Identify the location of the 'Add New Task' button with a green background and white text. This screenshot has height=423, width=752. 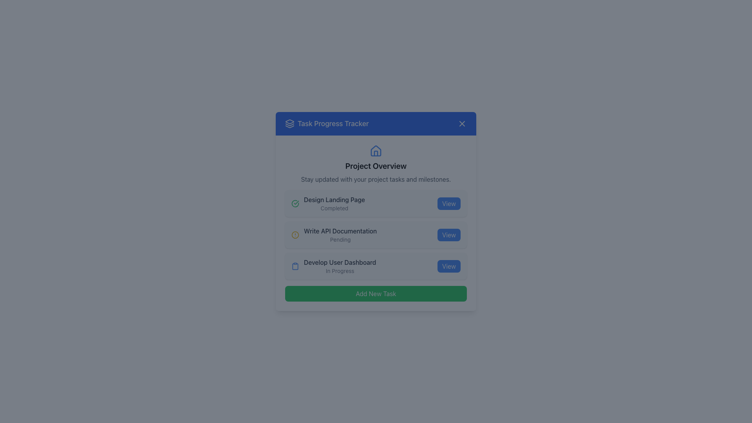
(376, 293).